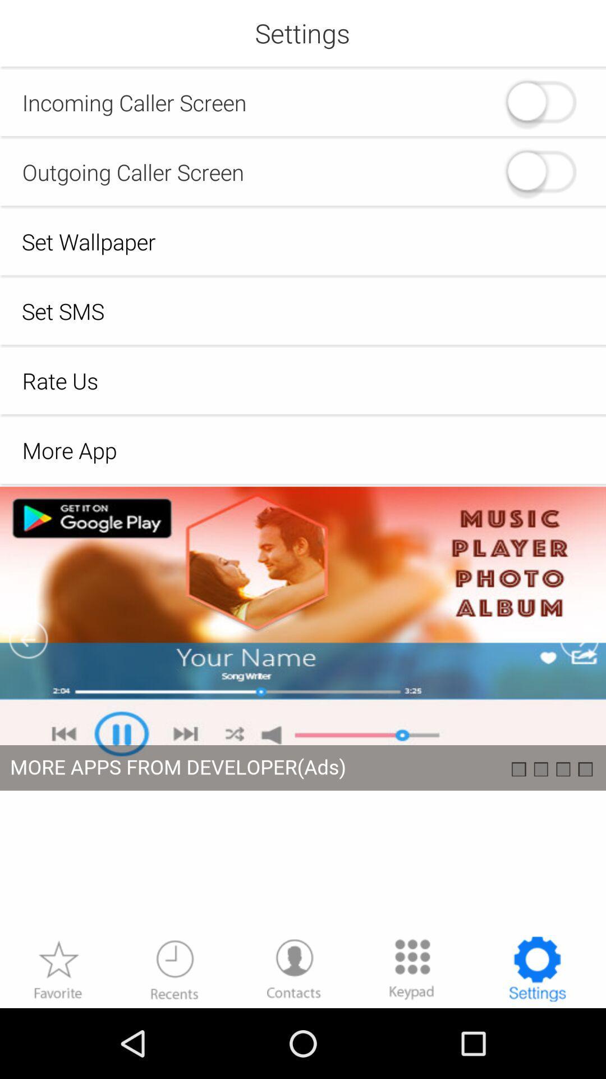  Describe the element at coordinates (293, 968) in the screenshot. I see `contacts` at that location.